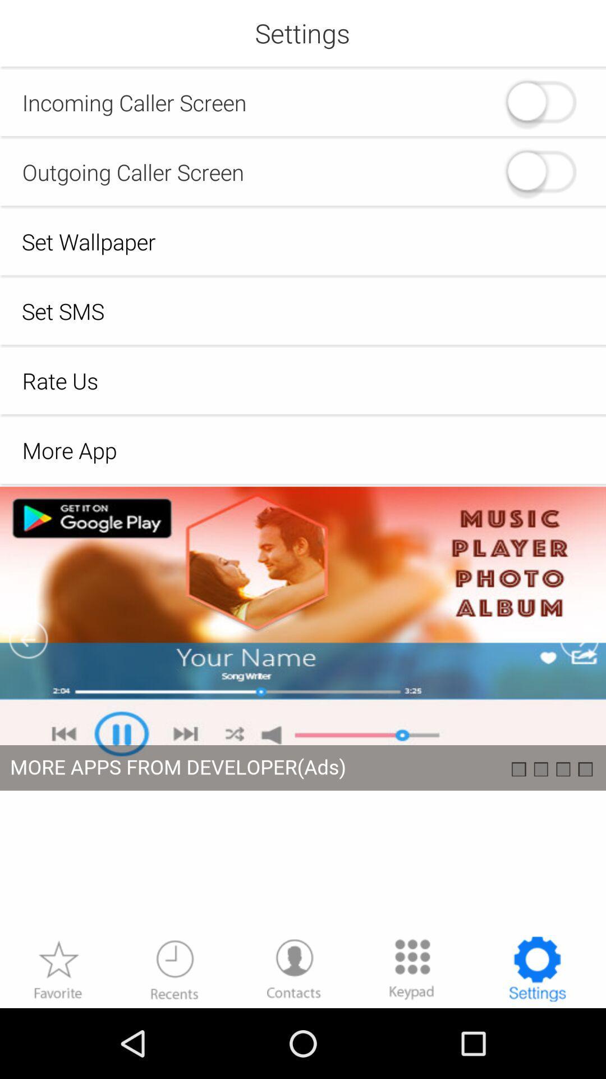  Describe the element at coordinates (293, 968) in the screenshot. I see `contacts` at that location.